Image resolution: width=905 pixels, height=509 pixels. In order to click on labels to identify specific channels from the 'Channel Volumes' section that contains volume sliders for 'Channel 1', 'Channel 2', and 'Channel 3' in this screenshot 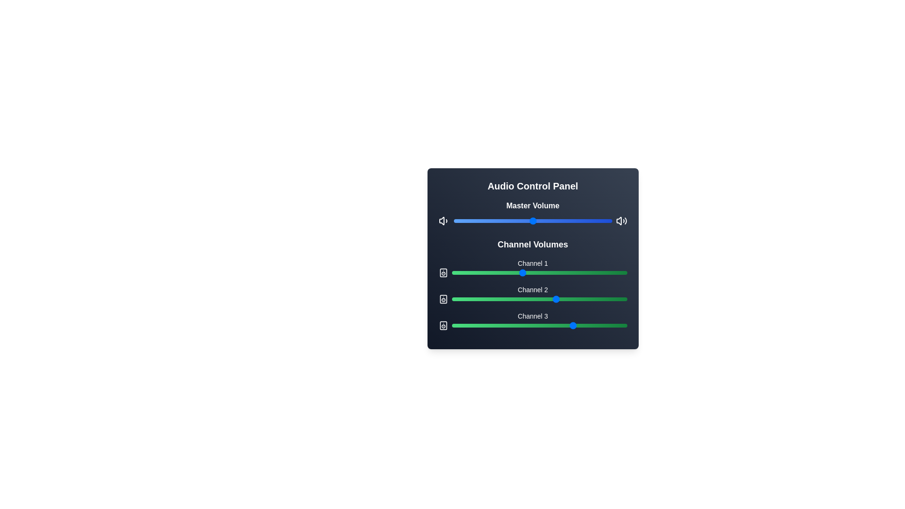, I will do `click(533, 283)`.